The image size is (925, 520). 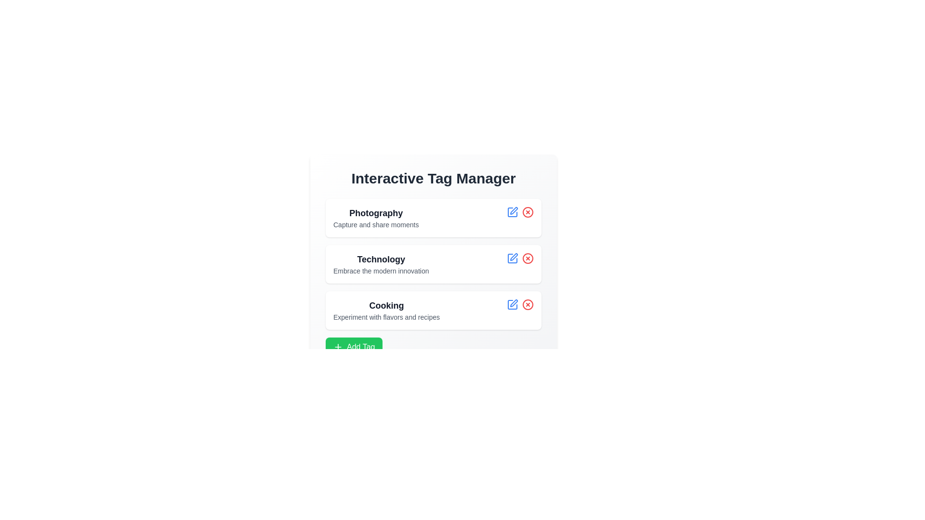 I want to click on the delete icon button located in the right section of the 'Photography' row, so click(x=527, y=211).